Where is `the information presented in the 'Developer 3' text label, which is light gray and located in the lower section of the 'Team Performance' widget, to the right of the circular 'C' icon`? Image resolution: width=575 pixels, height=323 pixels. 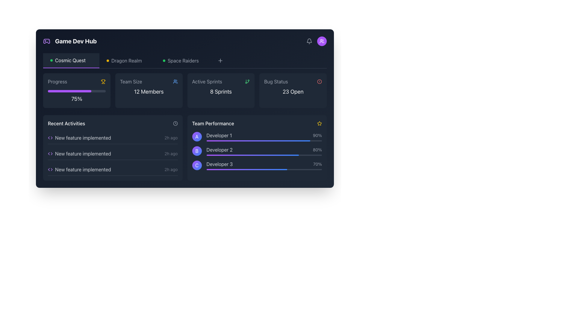 the information presented in the 'Developer 3' text label, which is light gray and located in the lower section of the 'Team Performance' widget, to the right of the circular 'C' icon is located at coordinates (219, 164).